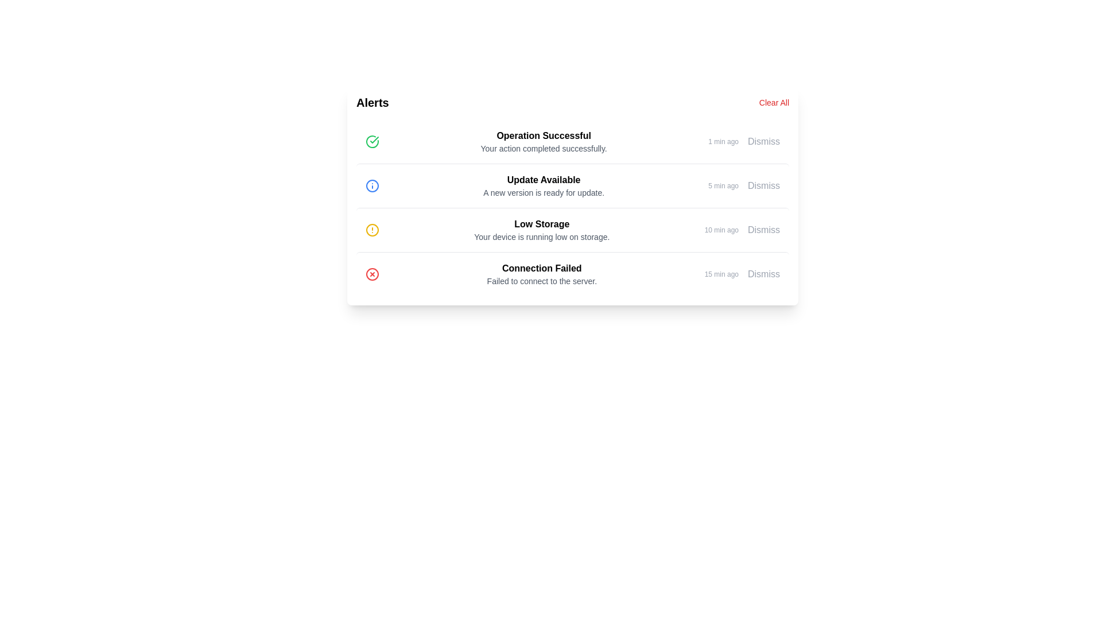 This screenshot has width=1102, height=620. I want to click on text content of the Text Label that serves as the title or heading of an update notification, so click(543, 180).